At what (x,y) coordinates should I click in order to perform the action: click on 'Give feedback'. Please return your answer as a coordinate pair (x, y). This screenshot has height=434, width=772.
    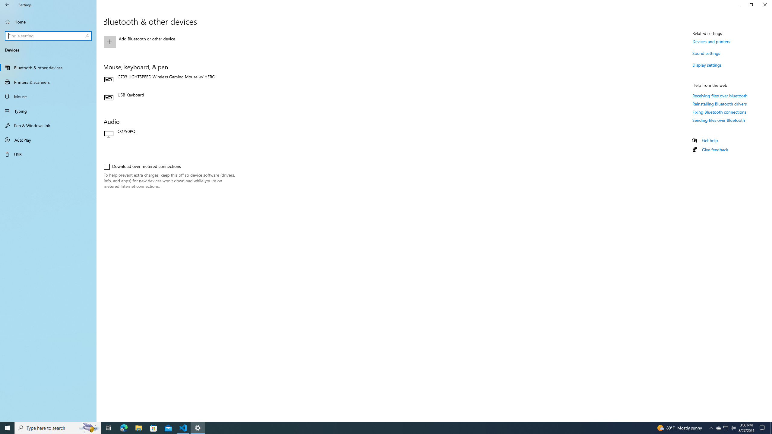
    Looking at the image, I should click on (714, 149).